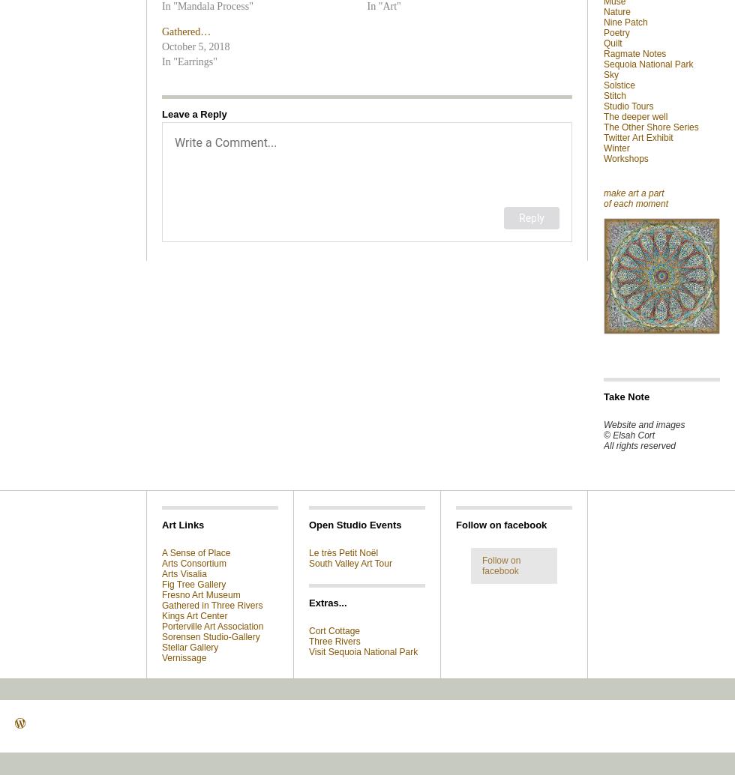  I want to click on 'Gathered in Three Rivers', so click(212, 604).